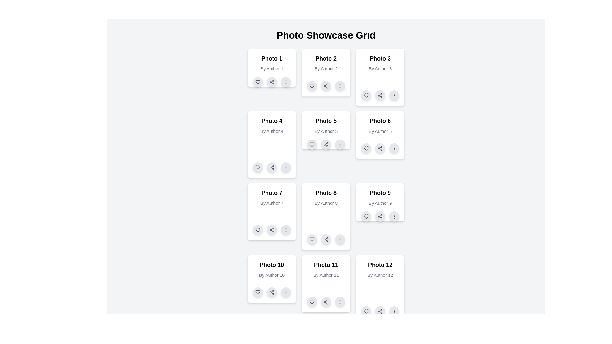 The width and height of the screenshot is (612, 344). Describe the element at coordinates (312, 145) in the screenshot. I see `the heart-shaped icon with a gray outline inside the circular button in the lower left section of the card labeled 'Photo 5' to mark it as 'liked'` at that location.